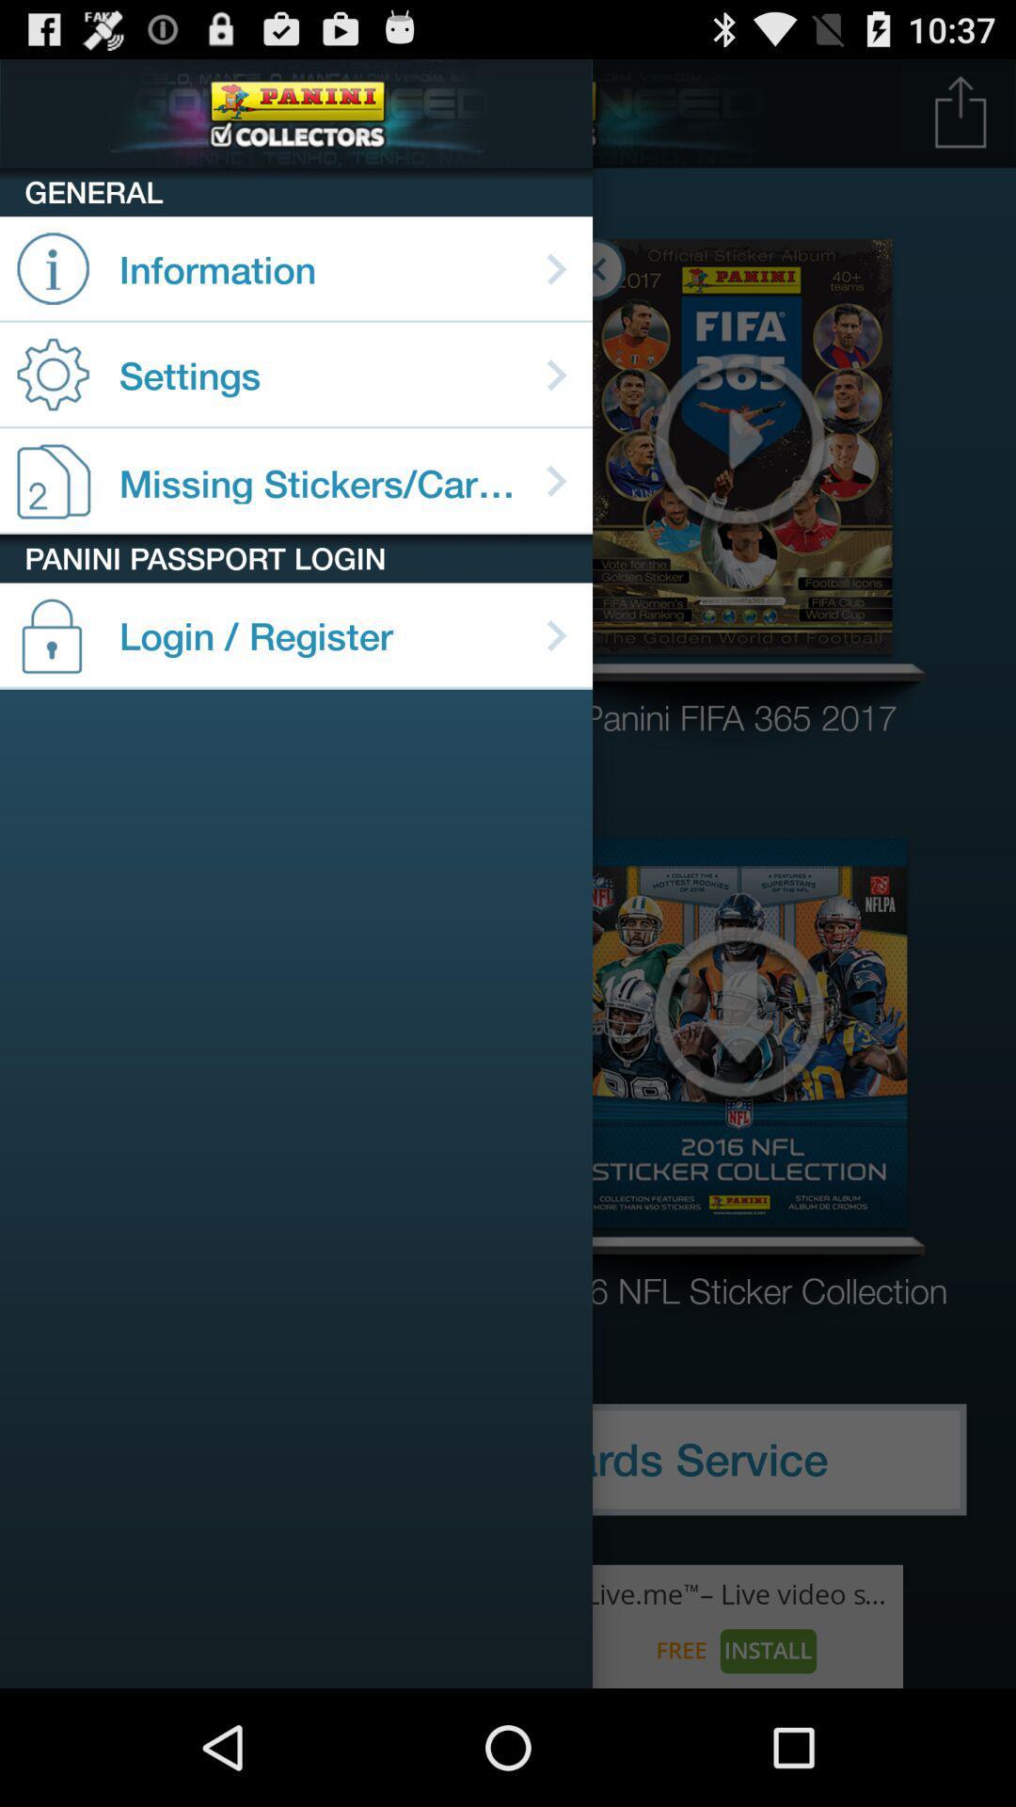 Image resolution: width=1016 pixels, height=1807 pixels. I want to click on the launch icon, so click(960, 120).